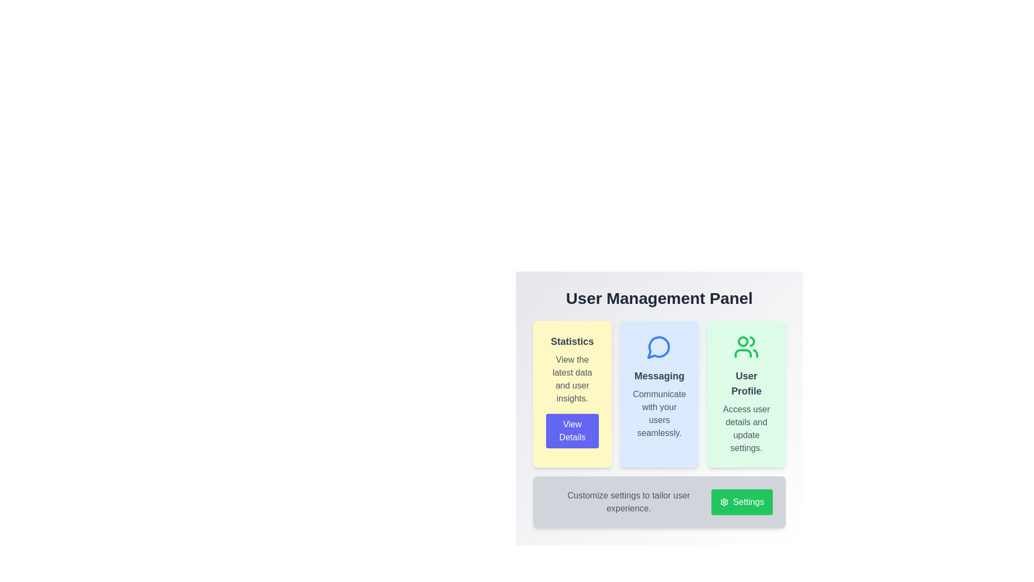  What do you see at coordinates (659, 424) in the screenshot?
I see `contents of the informational card located in the User Management Panel, which is the second of three vertically stacked cards providing messaging functionality` at bounding box center [659, 424].